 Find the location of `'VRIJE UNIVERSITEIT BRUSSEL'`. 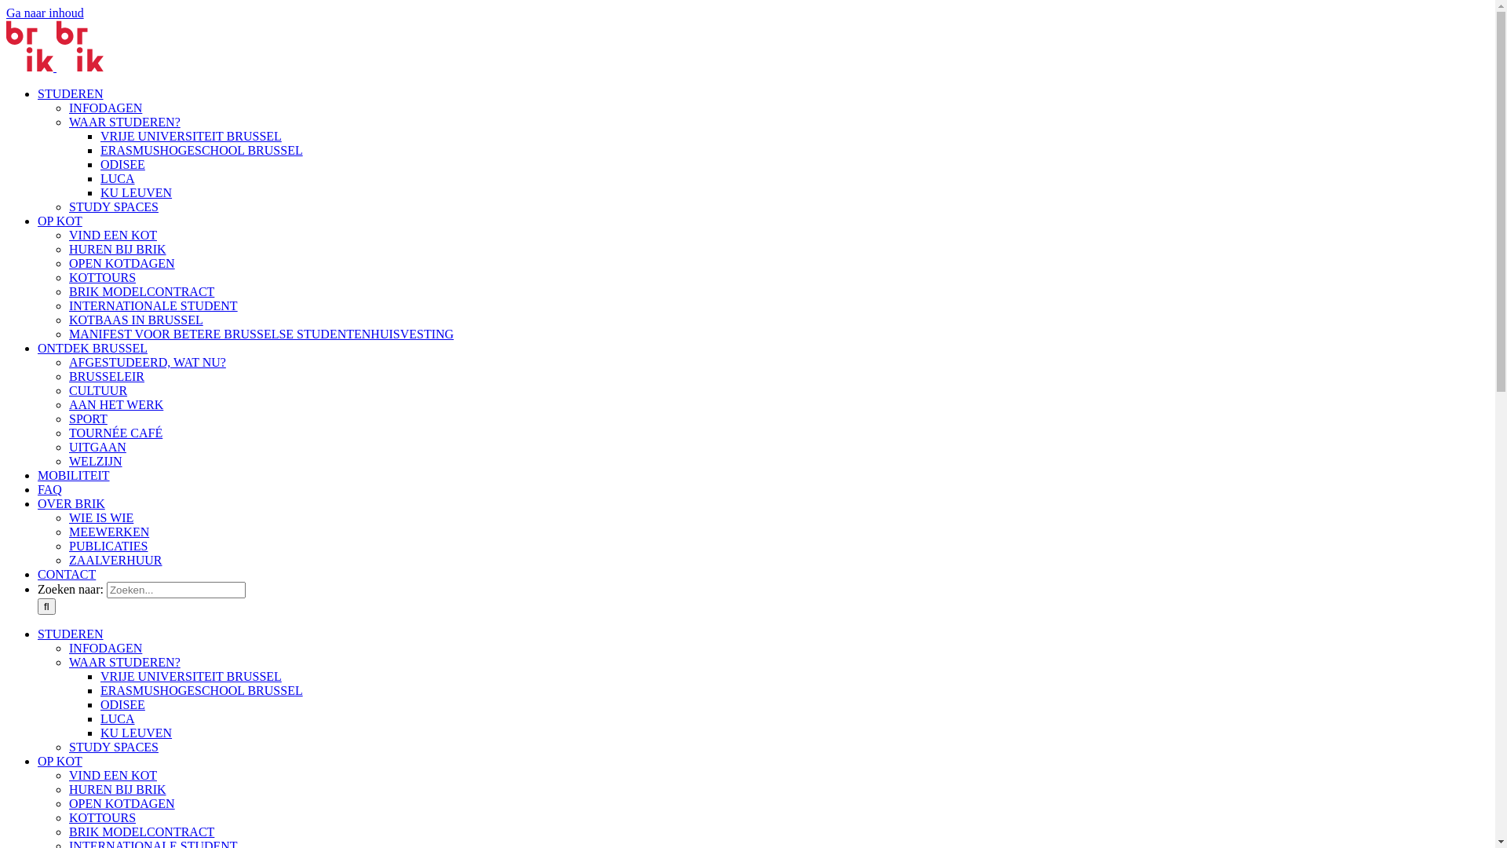

'VRIJE UNIVERSITEIT BRUSSEL' is located at coordinates (190, 135).